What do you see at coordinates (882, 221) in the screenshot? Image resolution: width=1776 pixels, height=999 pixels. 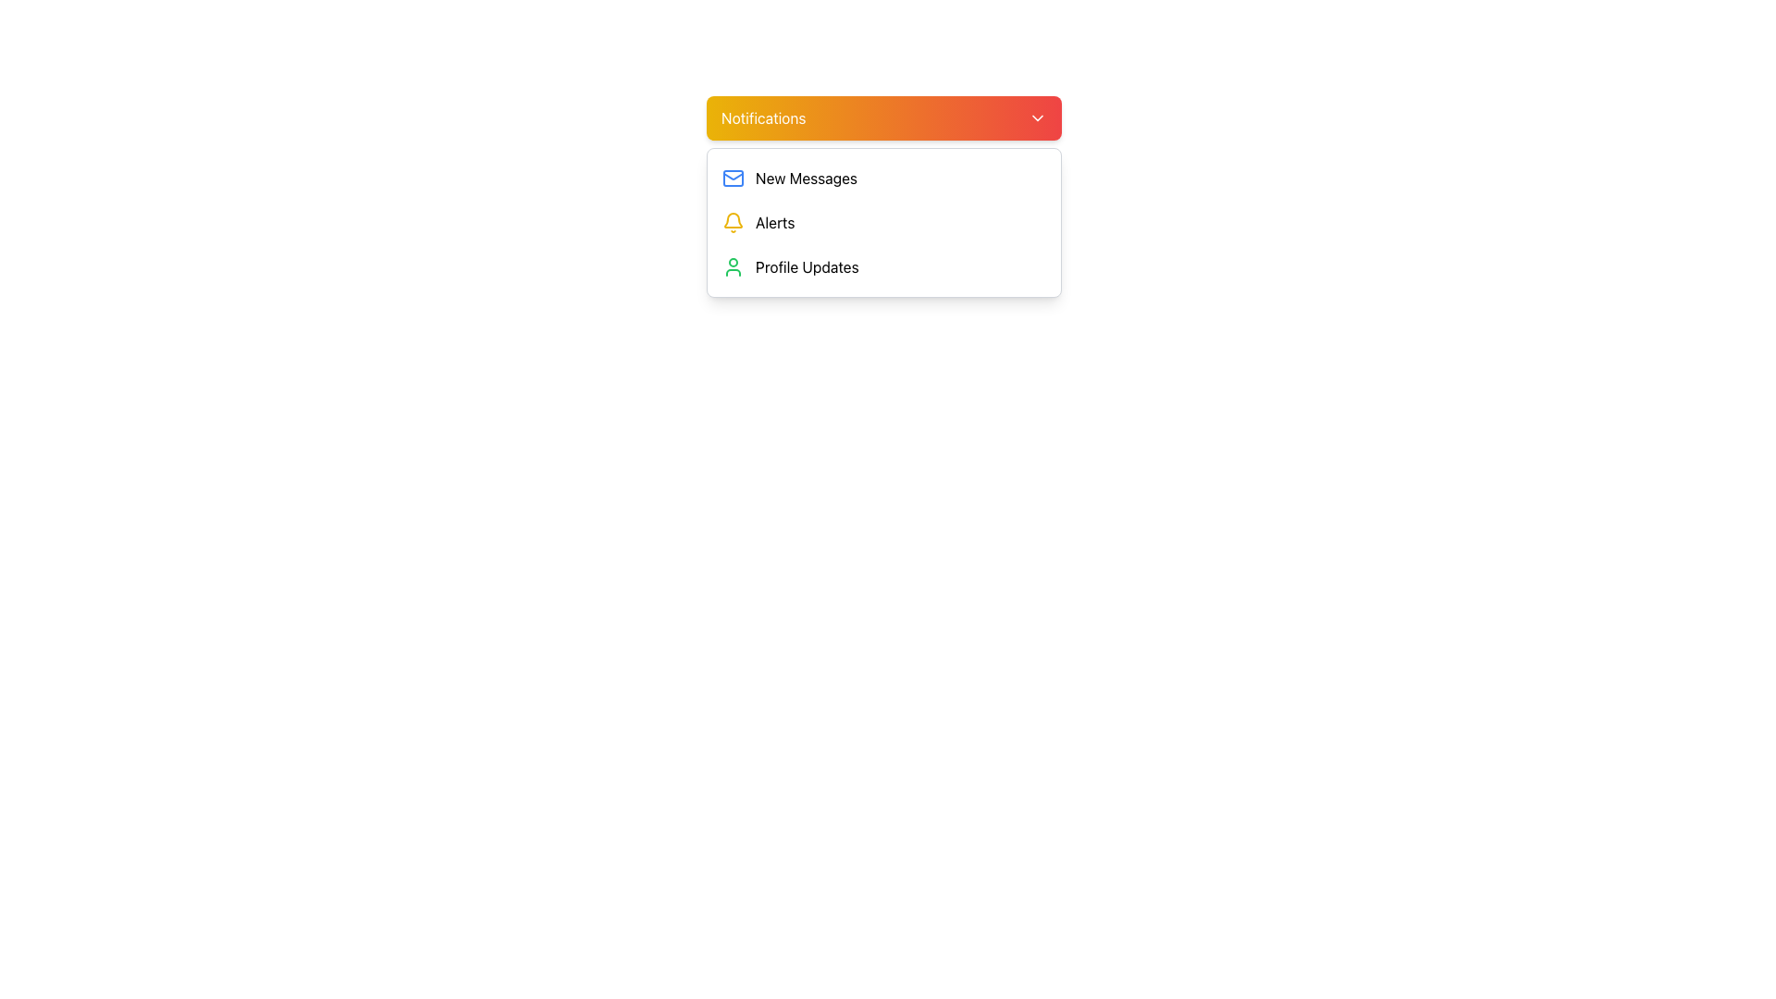 I see `the 'Alerts' notification list item in the dropdown menu` at bounding box center [882, 221].